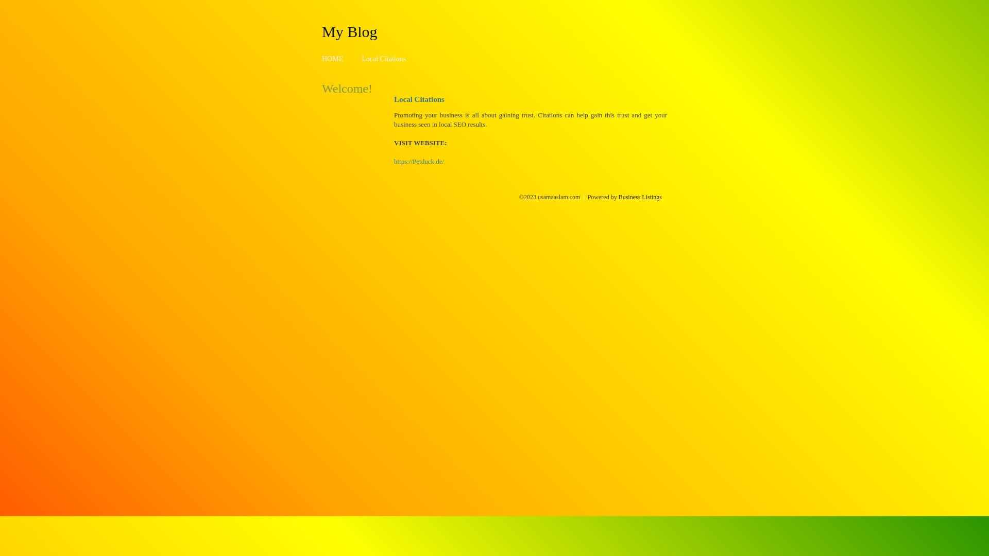  I want to click on 'My Blog', so click(349, 31).